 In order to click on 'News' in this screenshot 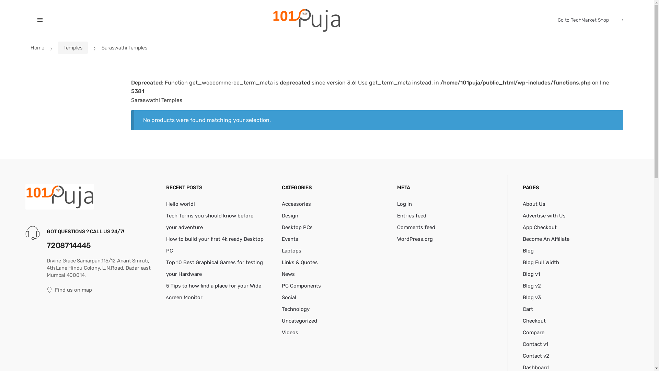, I will do `click(288, 274)`.